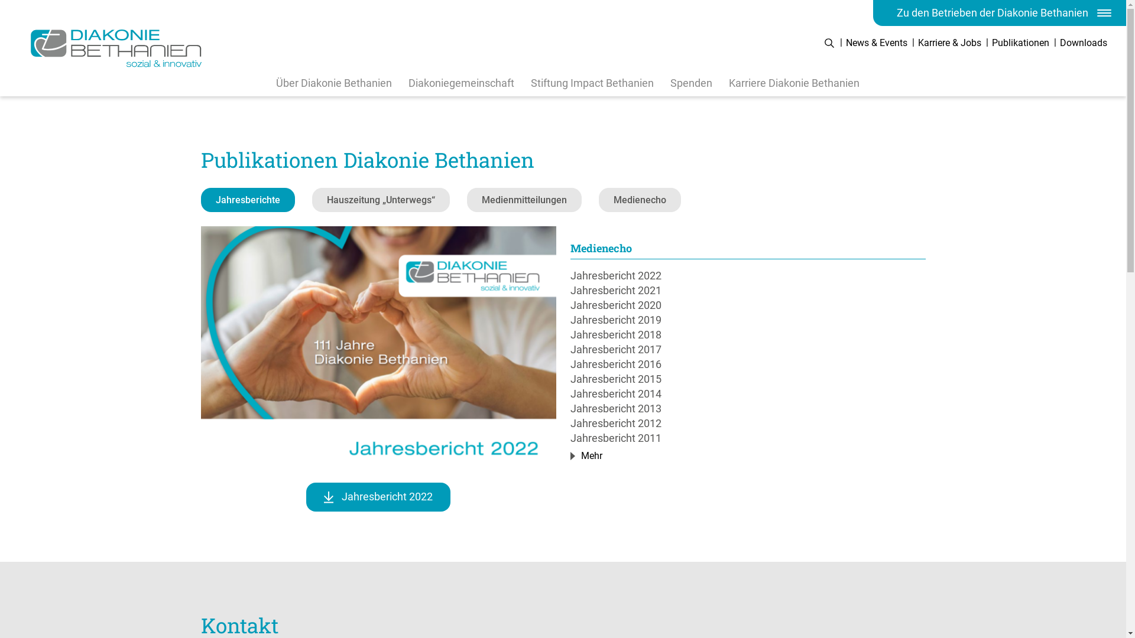  Describe the element at coordinates (592, 82) in the screenshot. I see `'Stiftung Impact Bethanien'` at that location.